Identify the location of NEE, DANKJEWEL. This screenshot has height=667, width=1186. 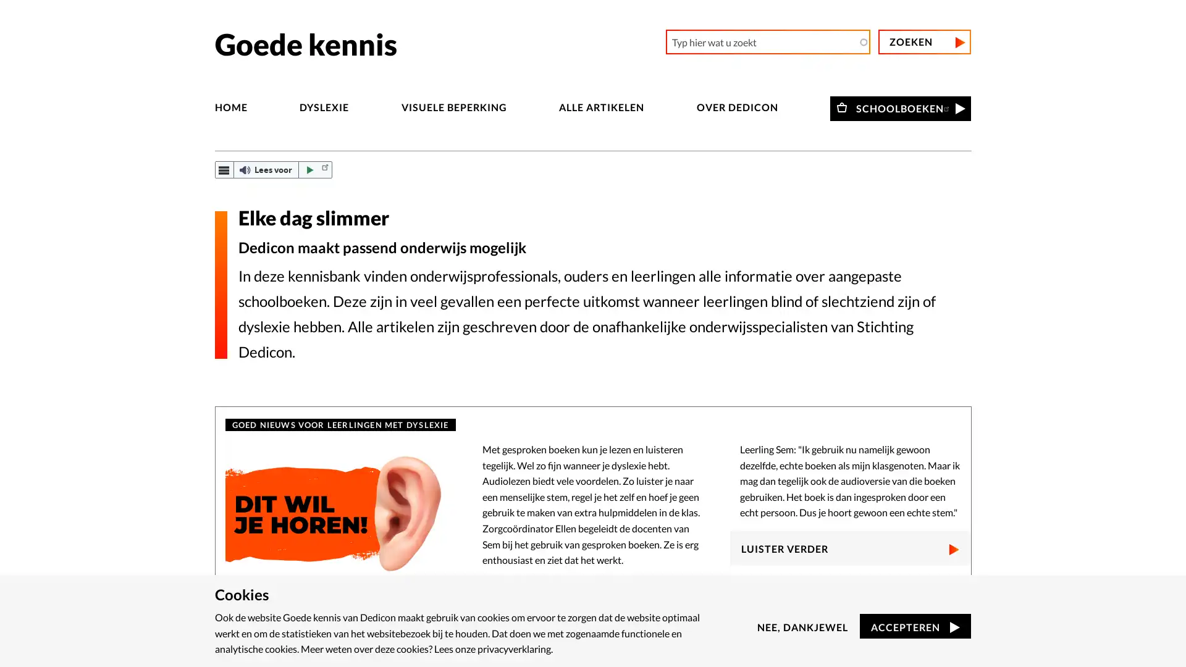
(802, 626).